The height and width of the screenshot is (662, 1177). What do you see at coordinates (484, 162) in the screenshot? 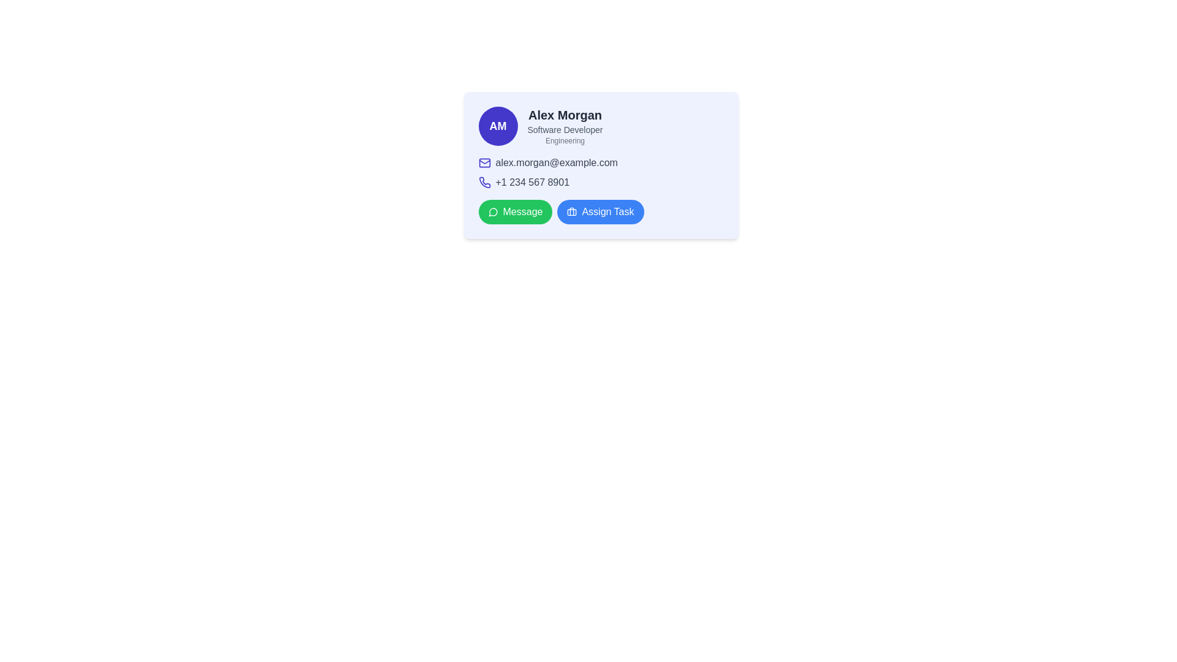
I see `the envelope-shaped icon with a vibrant indigo color, located to the left of the email text 'alex.morgan@example.com'` at bounding box center [484, 162].